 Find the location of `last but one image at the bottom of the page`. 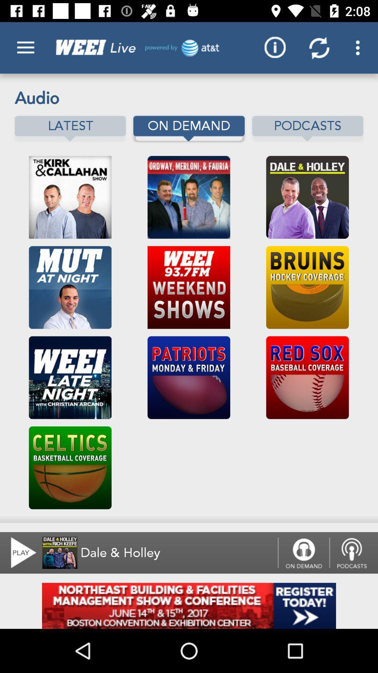

last but one image at the bottom of the page is located at coordinates (70, 468).